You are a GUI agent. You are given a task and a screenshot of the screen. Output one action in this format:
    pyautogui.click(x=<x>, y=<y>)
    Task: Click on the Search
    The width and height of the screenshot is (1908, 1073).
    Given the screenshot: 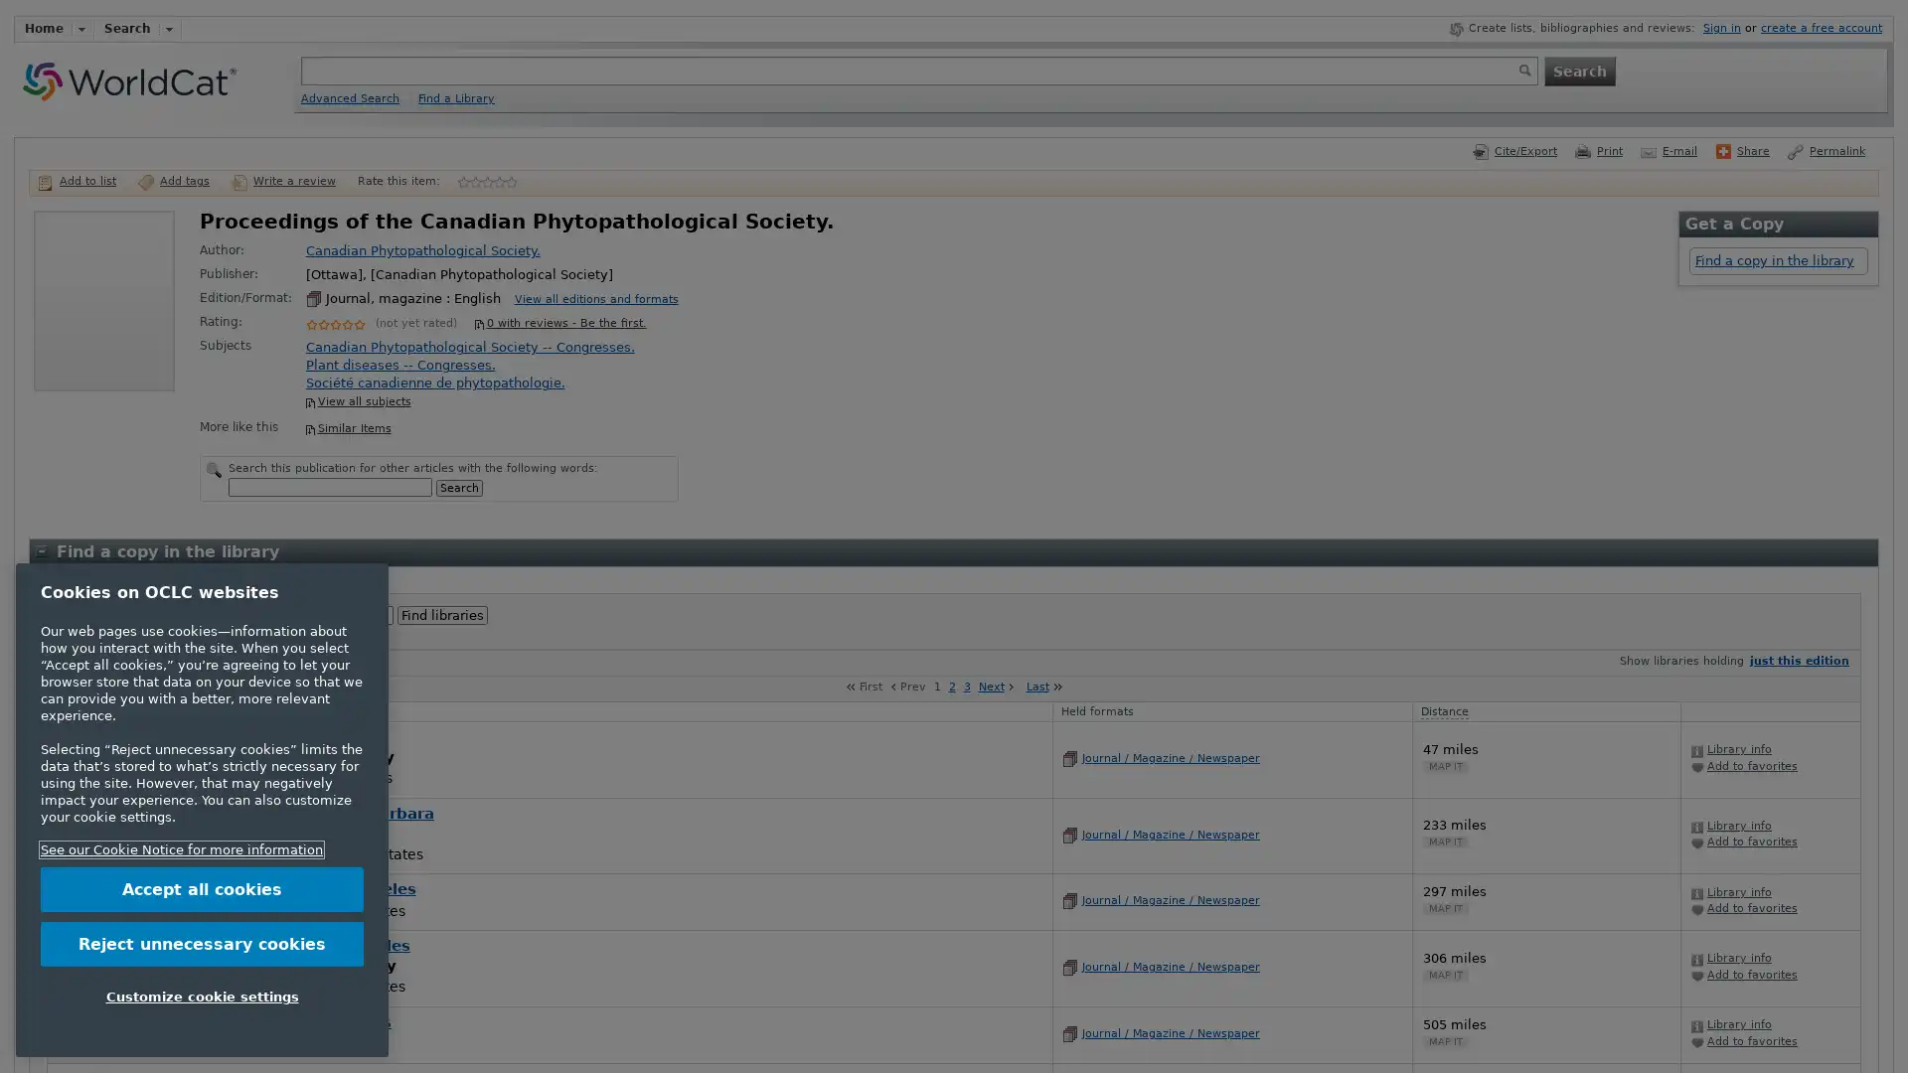 What is the action you would take?
    pyautogui.click(x=457, y=488)
    